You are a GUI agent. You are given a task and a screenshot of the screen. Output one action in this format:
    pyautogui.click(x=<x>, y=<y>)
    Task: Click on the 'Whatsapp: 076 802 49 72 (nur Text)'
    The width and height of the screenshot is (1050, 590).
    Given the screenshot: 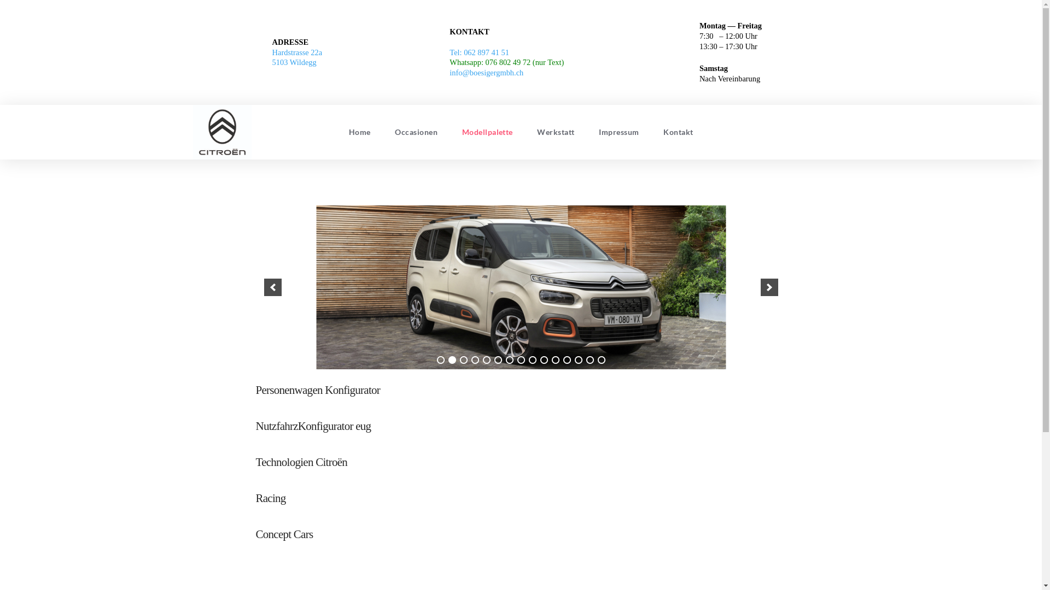 What is the action you would take?
    pyautogui.click(x=506, y=62)
    